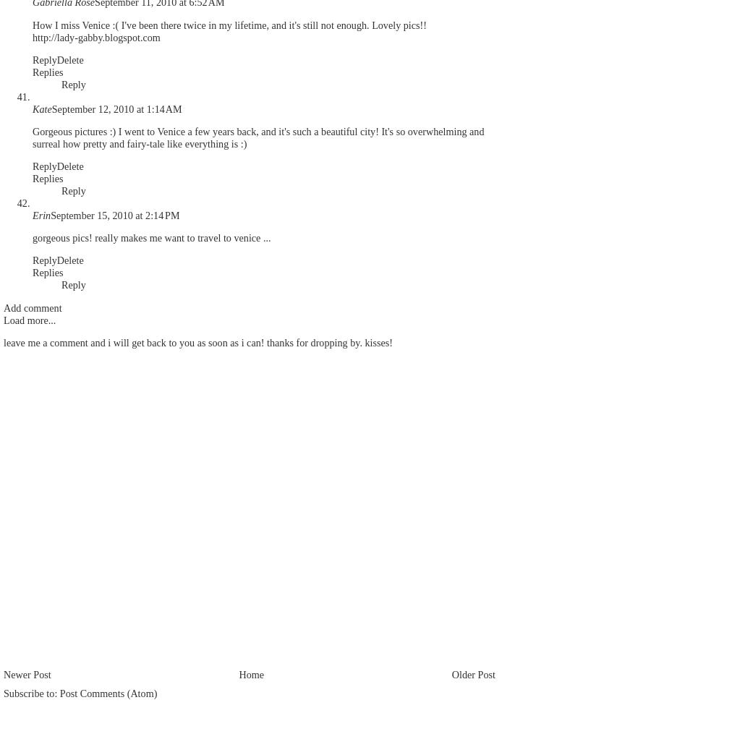  What do you see at coordinates (41, 108) in the screenshot?
I see `'Kate'` at bounding box center [41, 108].